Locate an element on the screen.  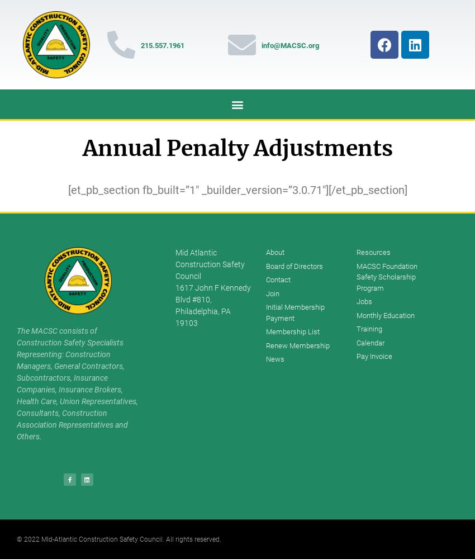
'Membership List' is located at coordinates (265, 331).